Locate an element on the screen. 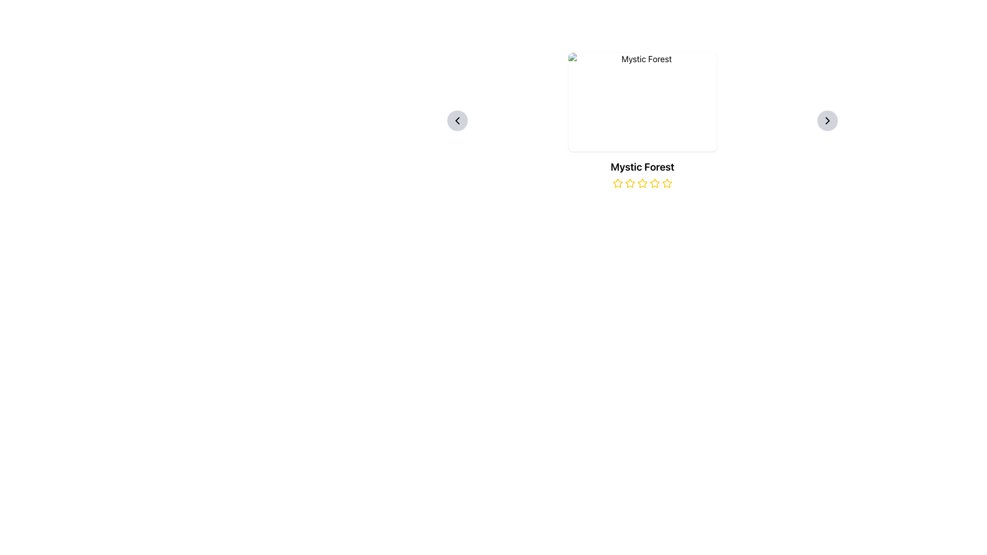 This screenshot has height=555, width=987. the first rating star icon below the title 'Mystic Forest' to provide a rating is located at coordinates (617, 183).